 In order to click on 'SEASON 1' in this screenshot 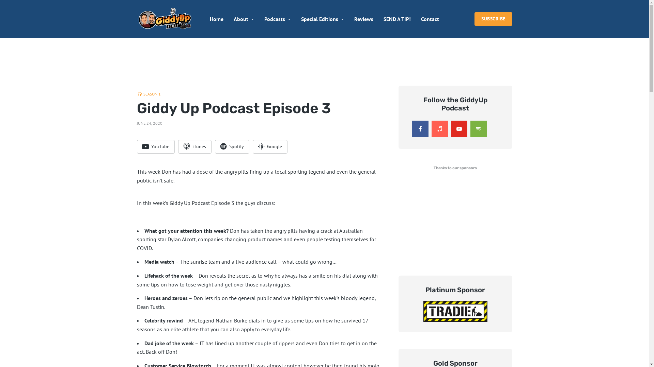, I will do `click(148, 94)`.